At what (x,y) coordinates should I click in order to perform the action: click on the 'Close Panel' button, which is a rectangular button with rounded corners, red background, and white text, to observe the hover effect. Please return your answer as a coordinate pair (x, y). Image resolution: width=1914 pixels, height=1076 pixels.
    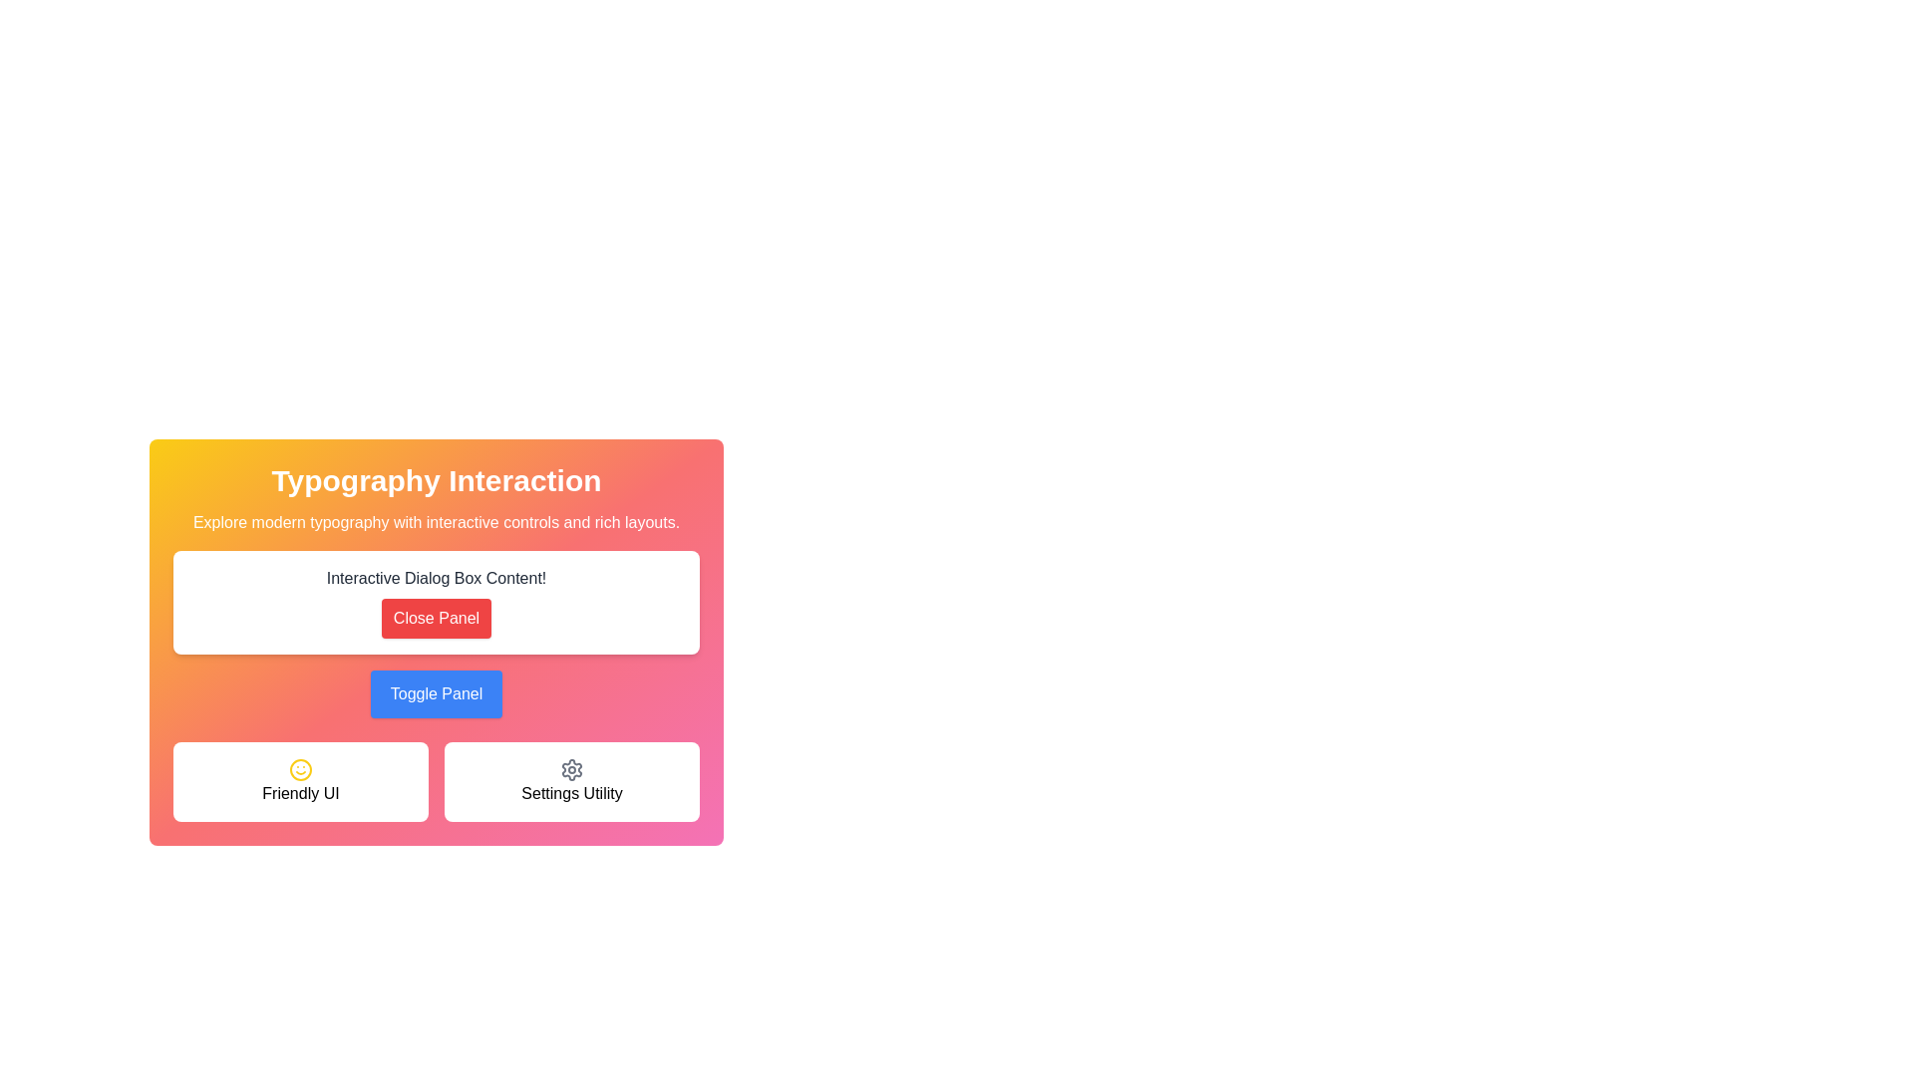
    Looking at the image, I should click on (435, 618).